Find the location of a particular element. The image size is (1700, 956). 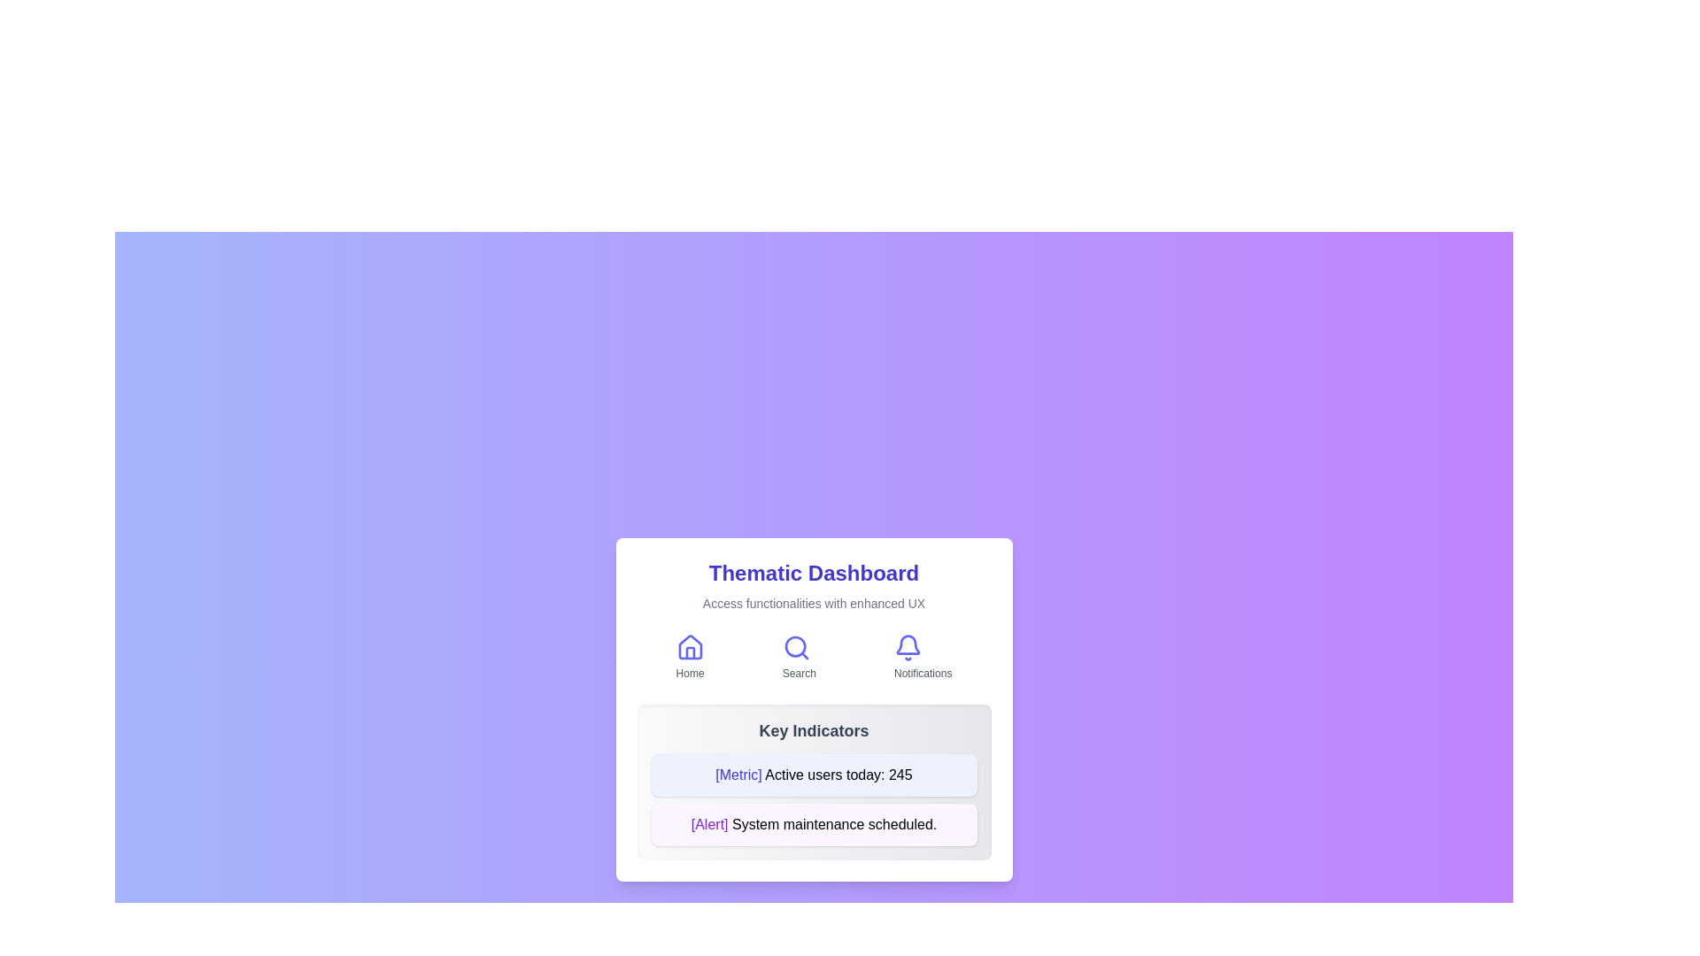

the first notification box in the 'Key Indicators' section that displays metrics related to active users today is located at coordinates (813, 774).